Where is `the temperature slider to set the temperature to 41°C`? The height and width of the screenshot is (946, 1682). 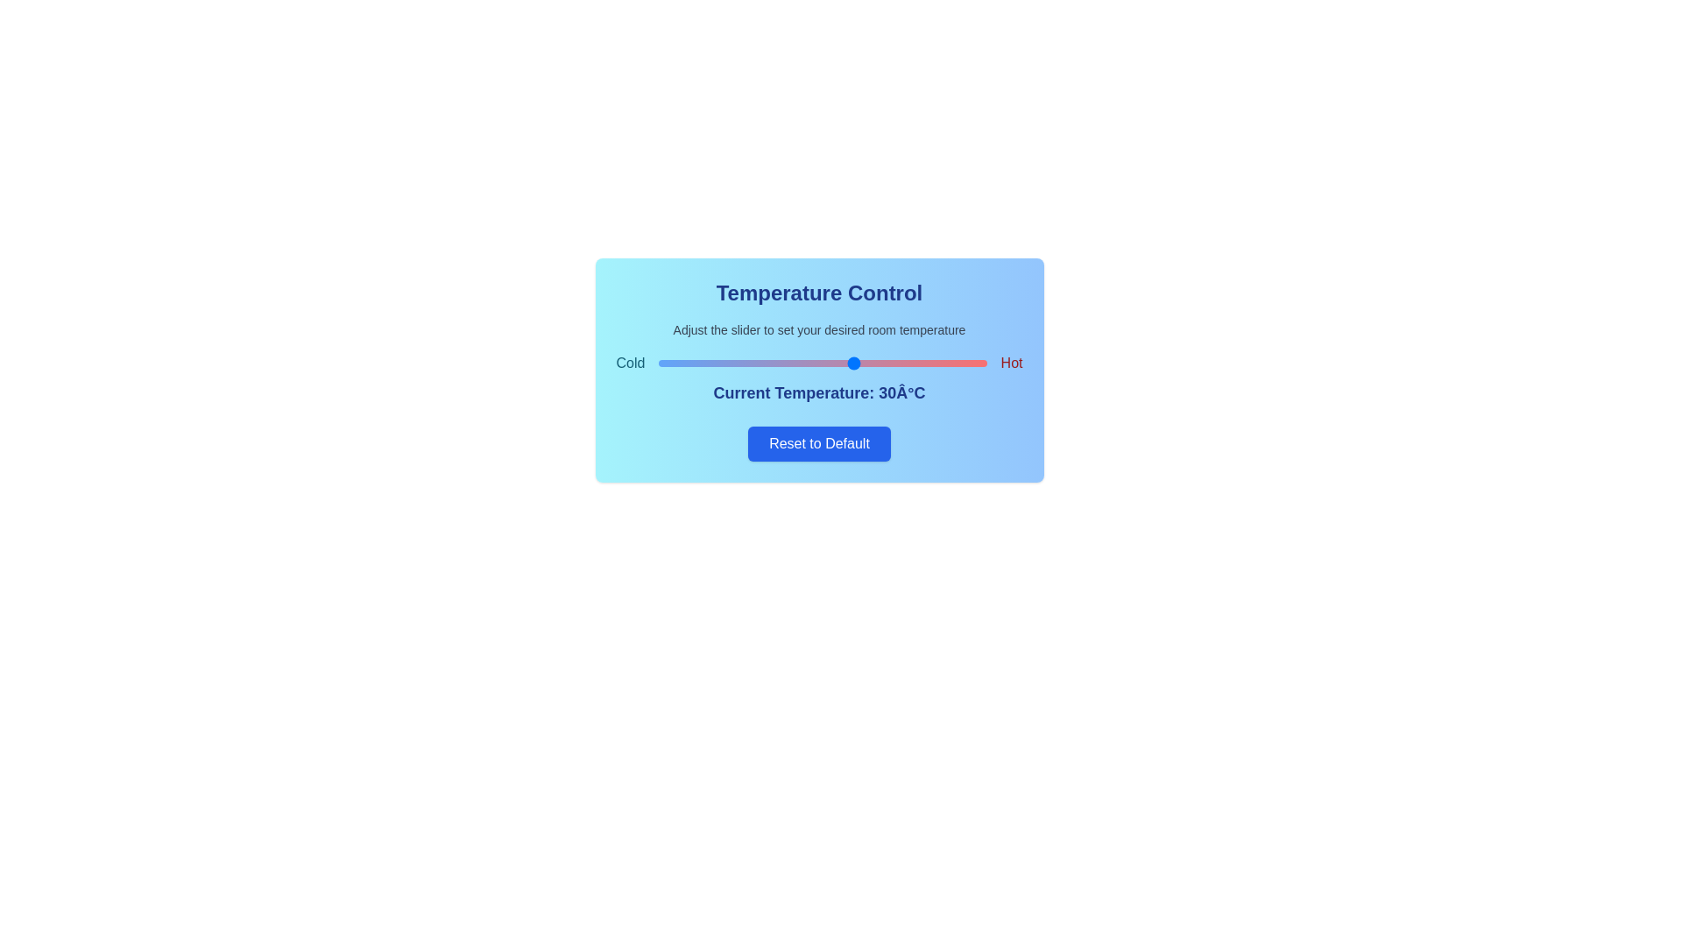
the temperature slider to set the temperature to 41°C is located at coordinates (927, 363).